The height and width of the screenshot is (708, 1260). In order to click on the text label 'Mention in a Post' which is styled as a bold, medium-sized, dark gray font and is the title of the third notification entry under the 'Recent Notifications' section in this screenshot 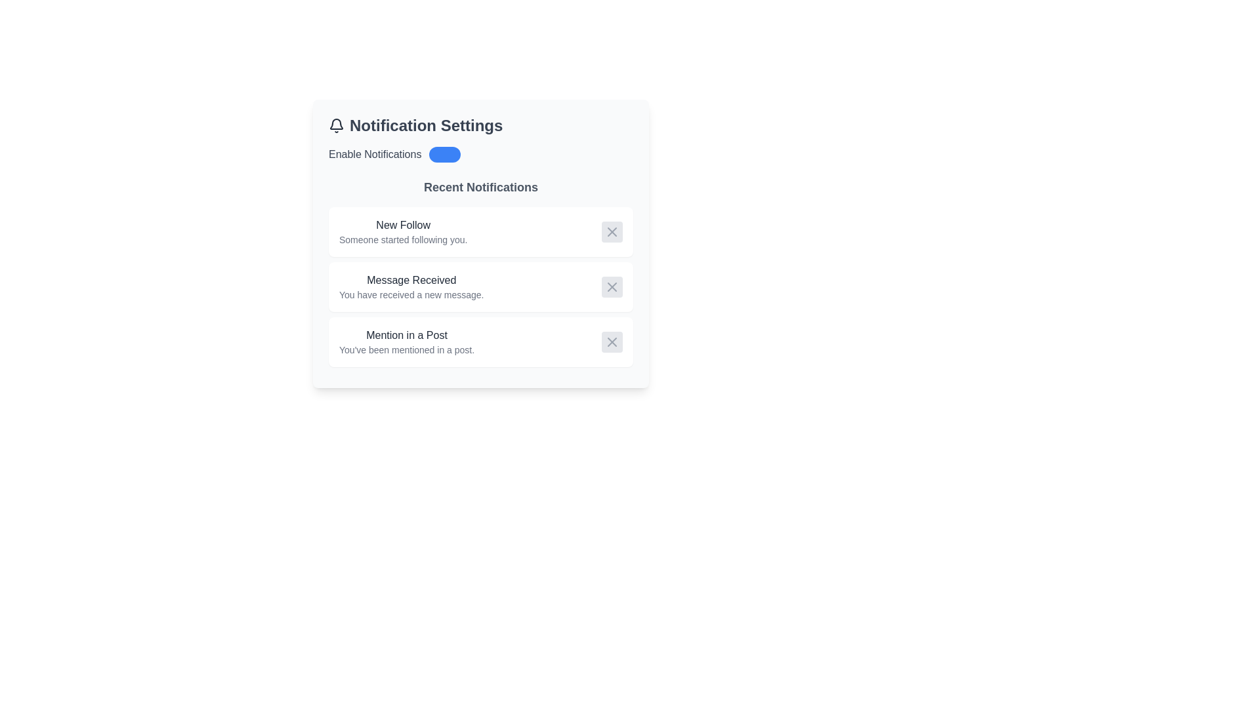, I will do `click(406, 335)`.